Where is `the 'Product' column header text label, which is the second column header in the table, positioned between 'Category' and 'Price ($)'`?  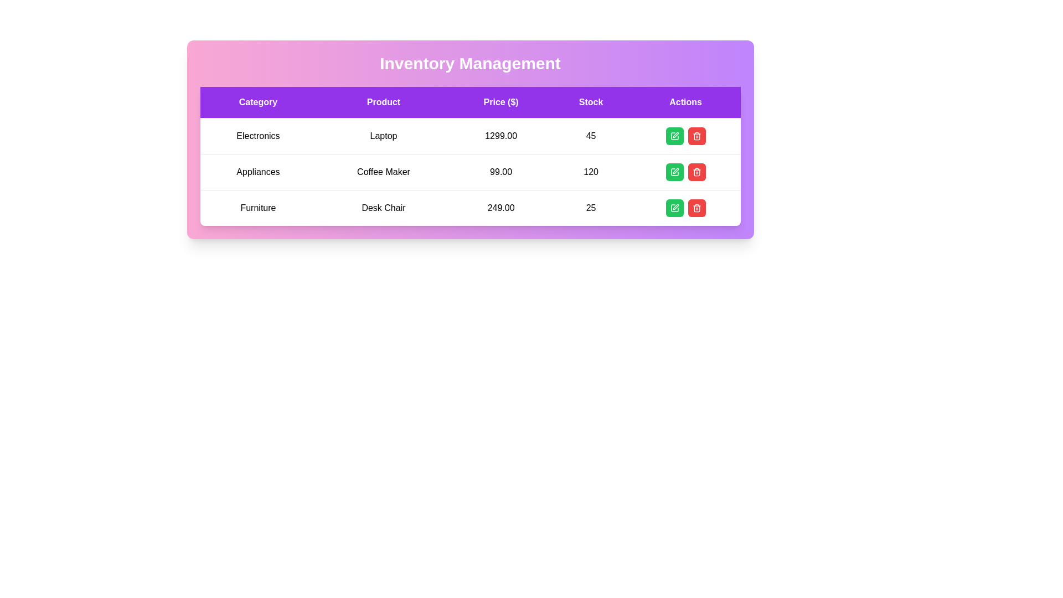 the 'Product' column header text label, which is the second column header in the table, positioned between 'Category' and 'Price ($)' is located at coordinates (383, 102).